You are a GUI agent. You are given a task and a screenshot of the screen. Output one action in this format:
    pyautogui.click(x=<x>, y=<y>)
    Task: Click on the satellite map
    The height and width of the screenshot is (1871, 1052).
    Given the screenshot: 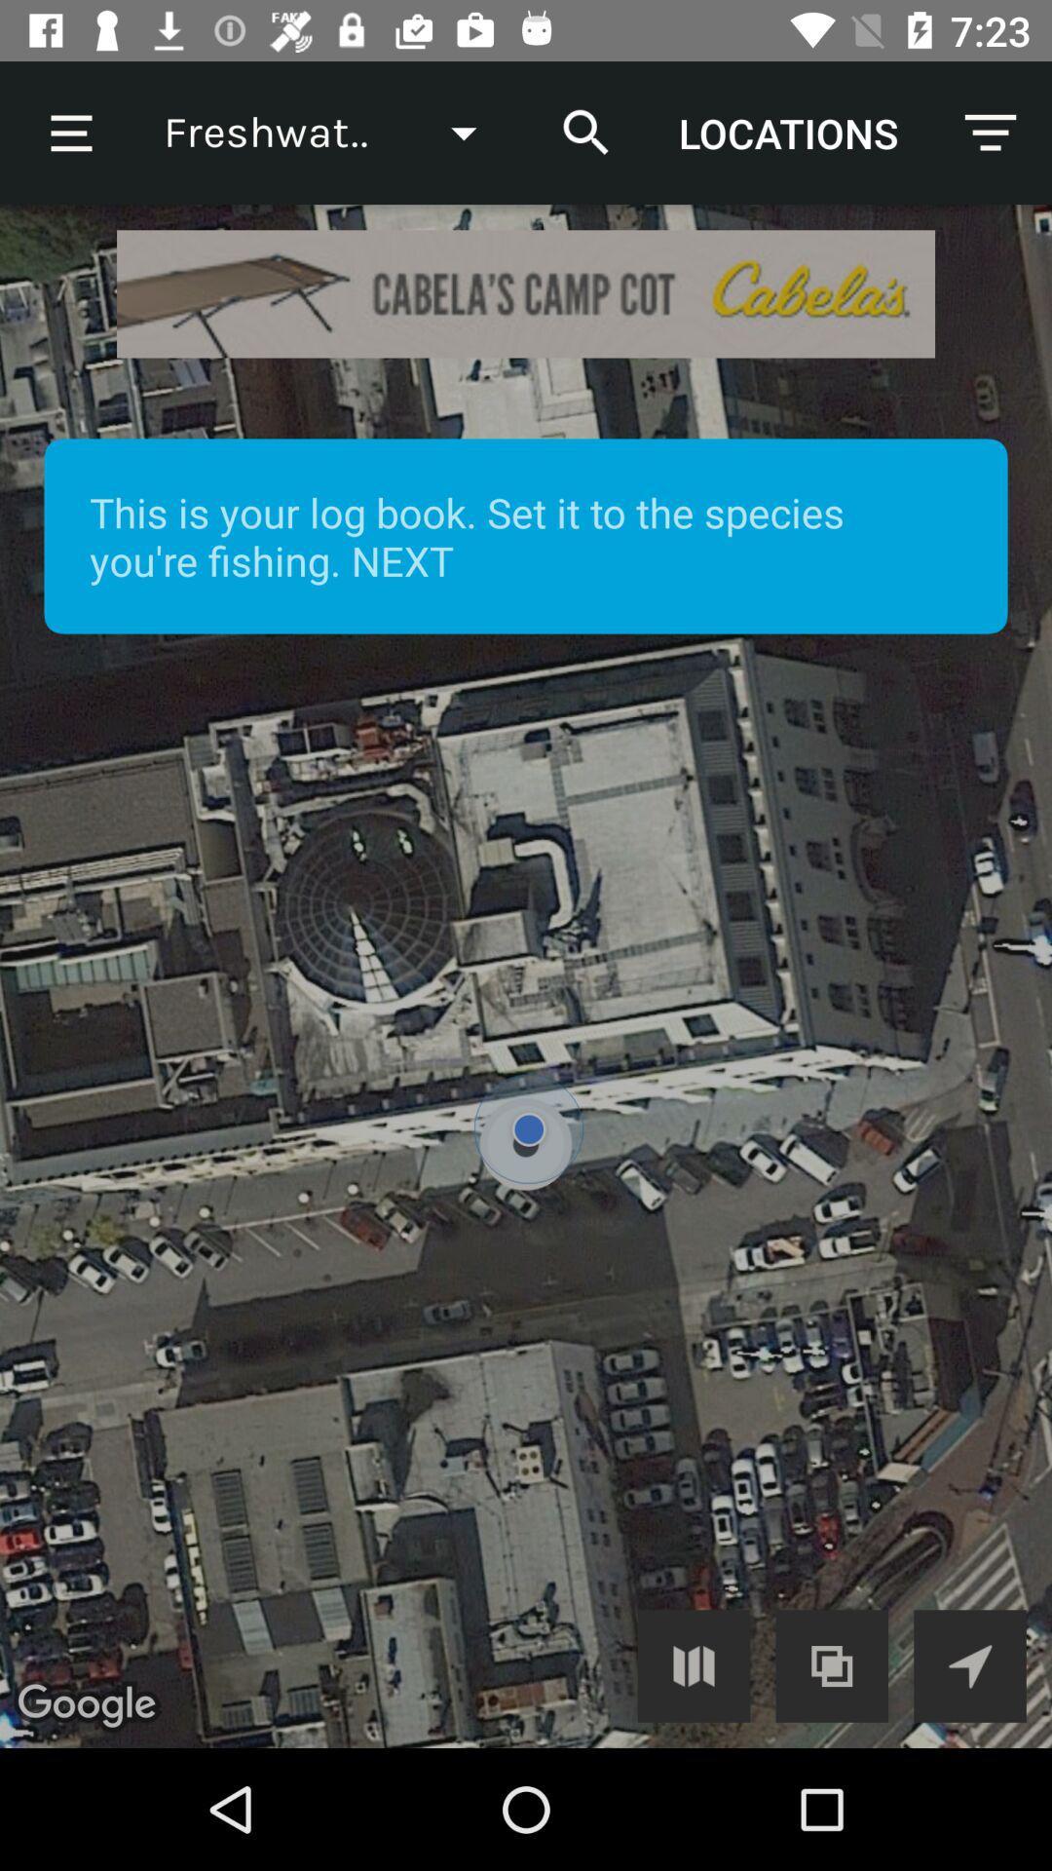 What is the action you would take?
    pyautogui.click(x=526, y=976)
    